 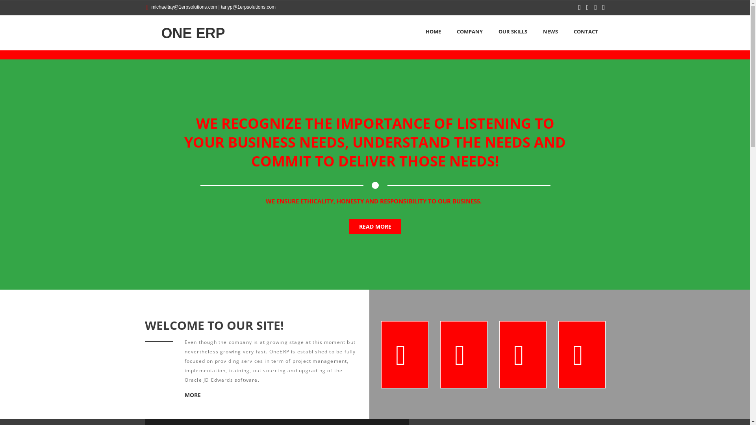 What do you see at coordinates (512, 31) in the screenshot?
I see `'OUR SKILLS'` at bounding box center [512, 31].